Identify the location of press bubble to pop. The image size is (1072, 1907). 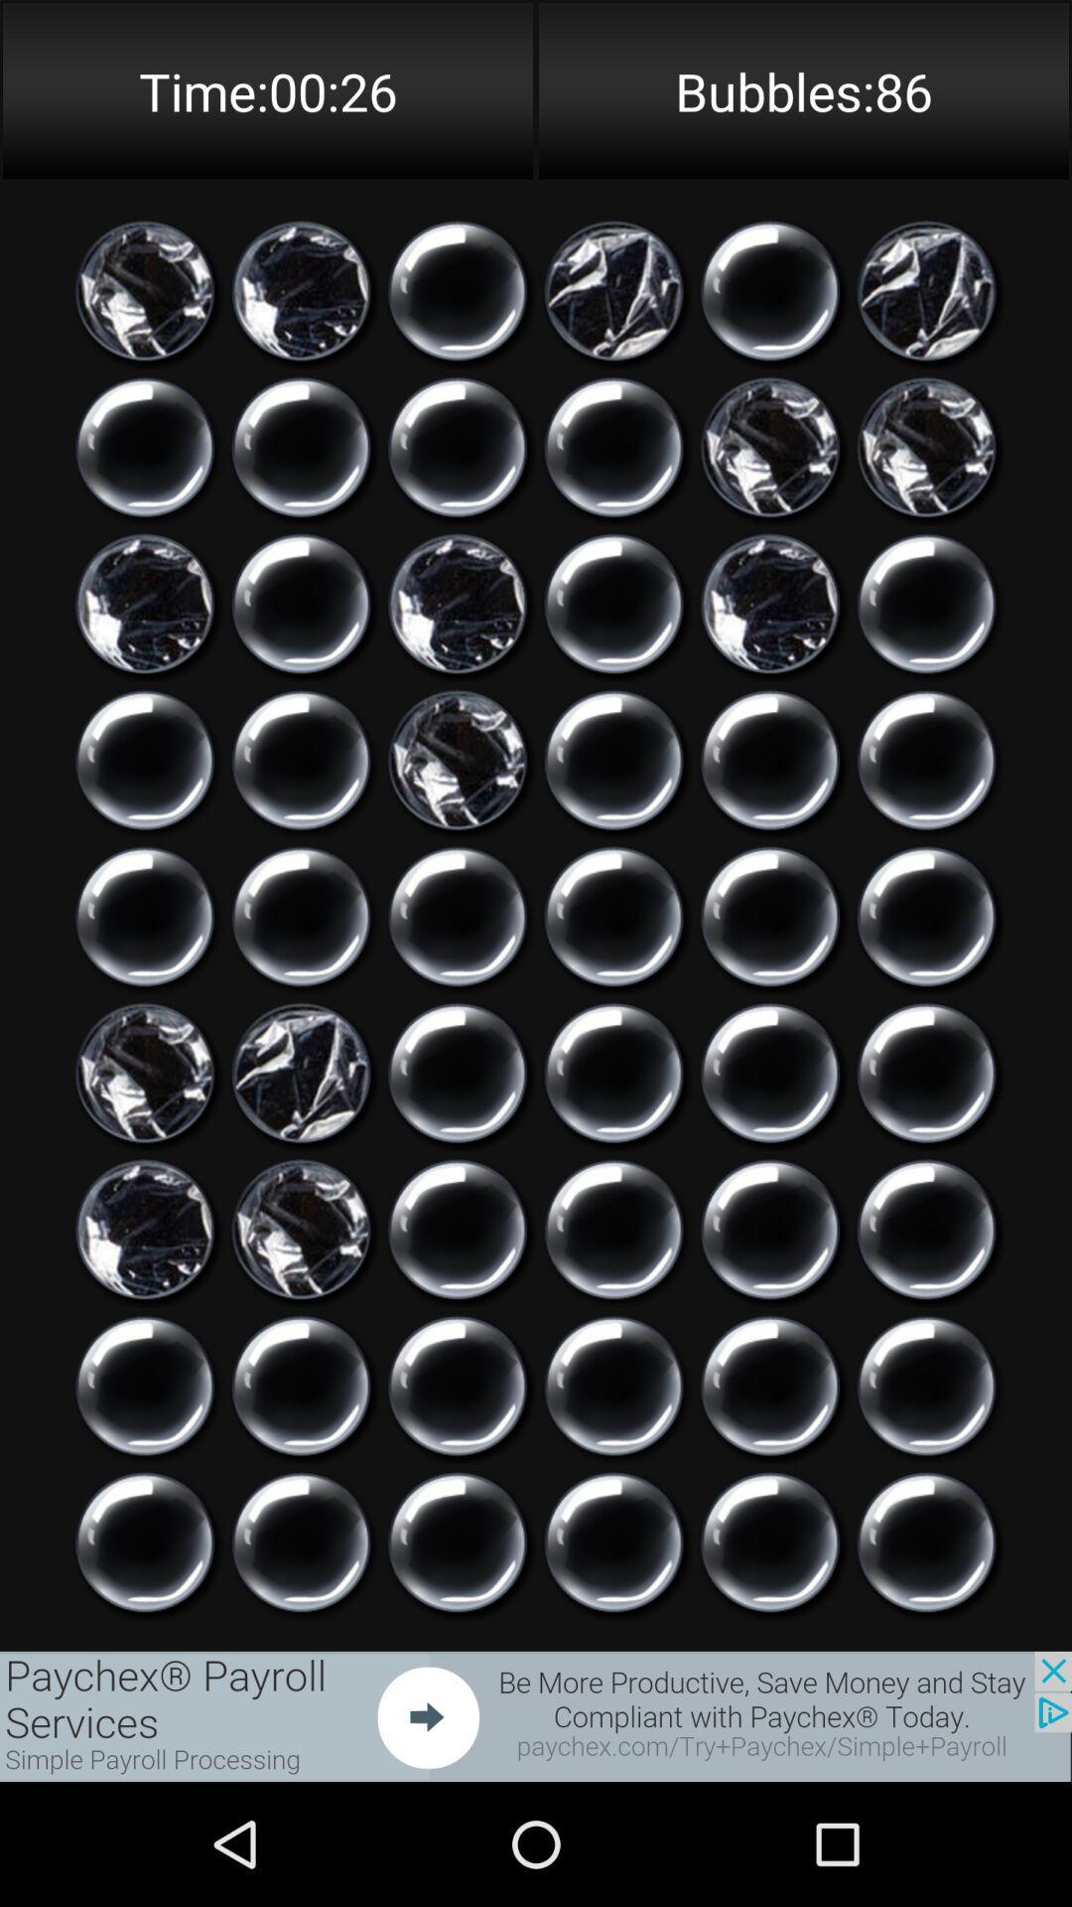
(769, 1072).